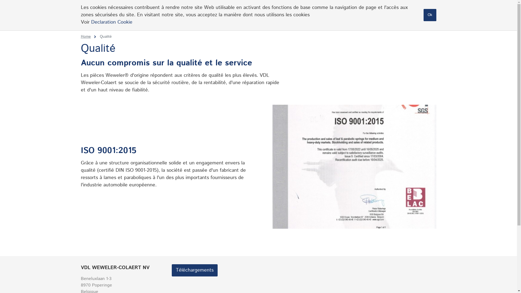 The width and height of the screenshot is (521, 293). What do you see at coordinates (410, 8) in the screenshot?
I see `'EN'` at bounding box center [410, 8].